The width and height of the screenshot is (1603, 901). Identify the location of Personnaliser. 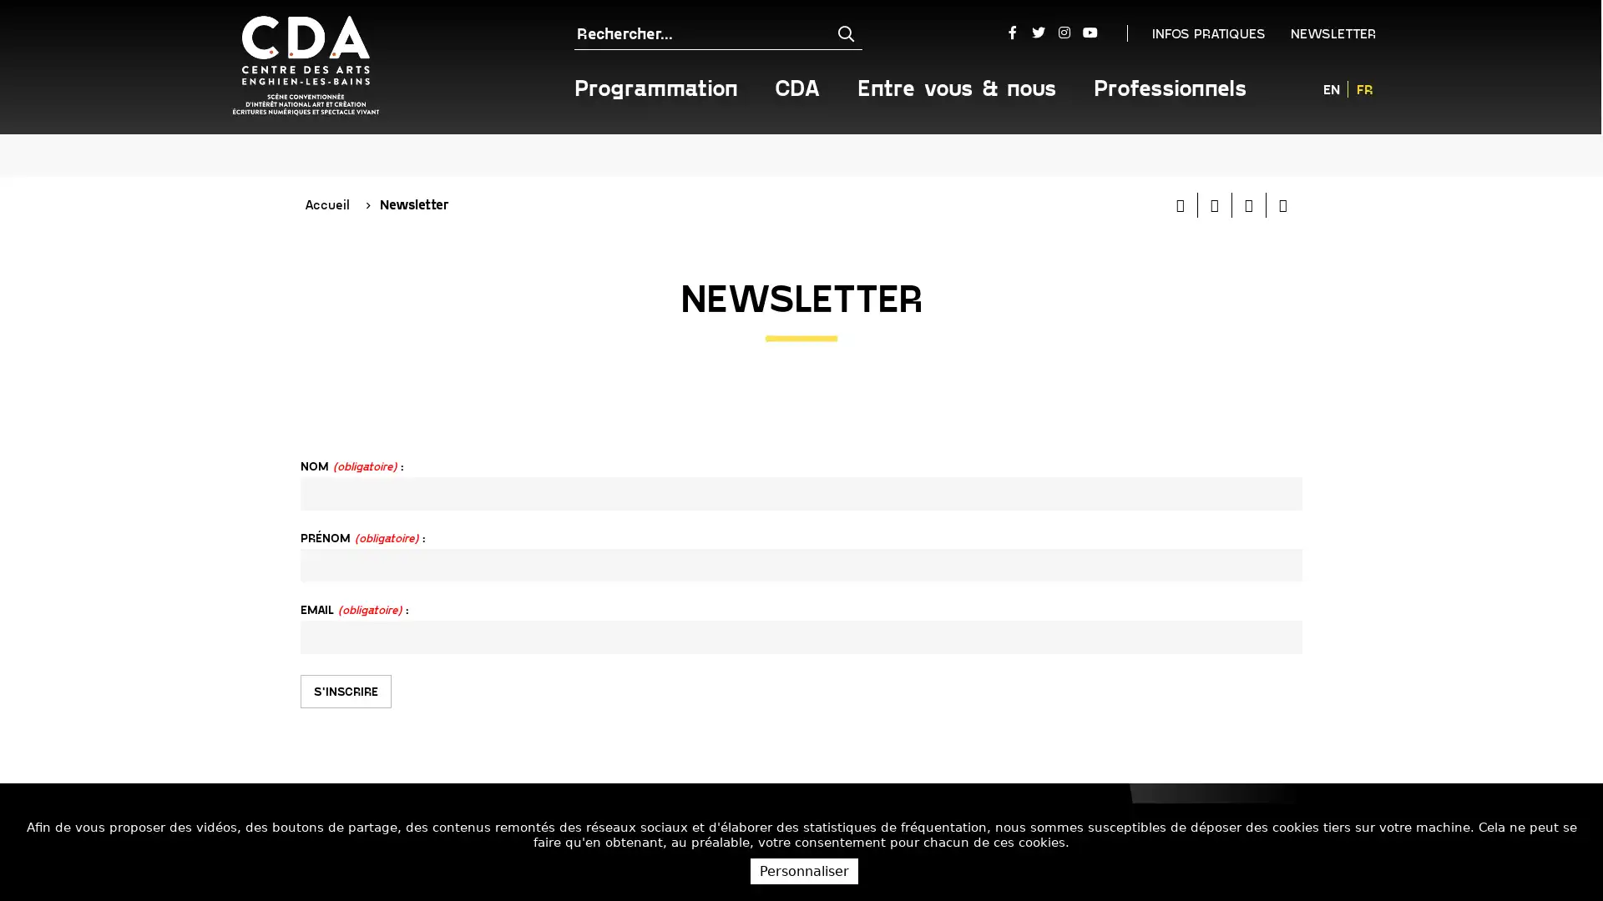
(804, 870).